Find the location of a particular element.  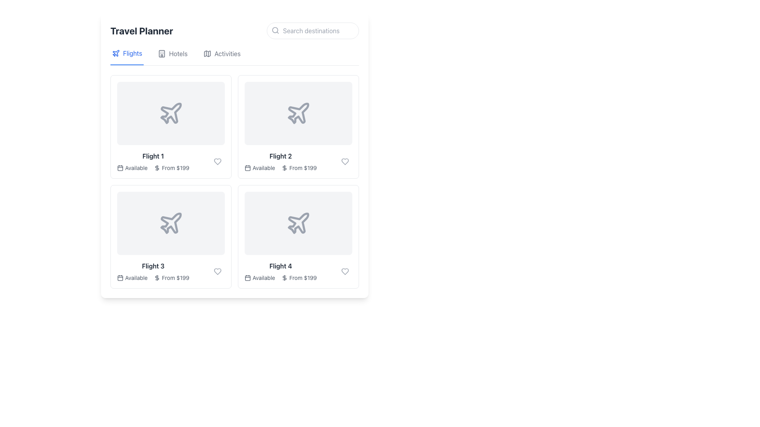

the starting price label for the second flight card under the 'Flights' tab in the 'Travel Planner' interface is located at coordinates (302, 167).